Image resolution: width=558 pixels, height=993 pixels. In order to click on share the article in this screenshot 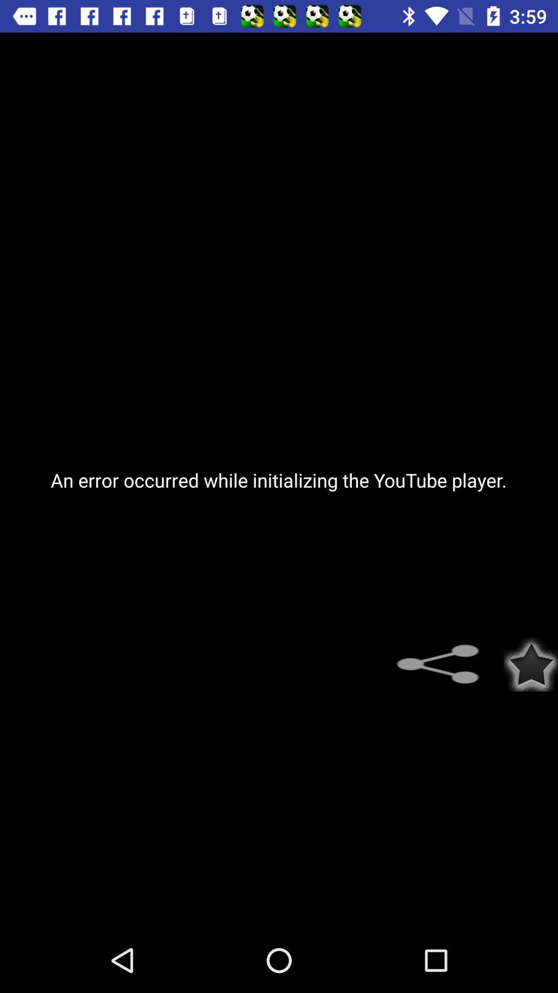, I will do `click(443, 664)`.